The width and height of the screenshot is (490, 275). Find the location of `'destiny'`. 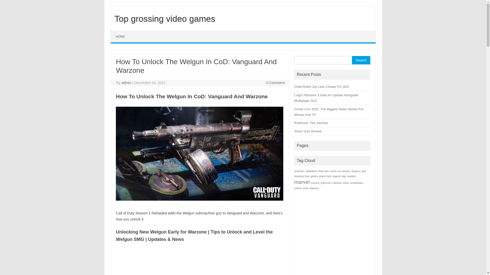

'destiny' is located at coordinates (347, 171).